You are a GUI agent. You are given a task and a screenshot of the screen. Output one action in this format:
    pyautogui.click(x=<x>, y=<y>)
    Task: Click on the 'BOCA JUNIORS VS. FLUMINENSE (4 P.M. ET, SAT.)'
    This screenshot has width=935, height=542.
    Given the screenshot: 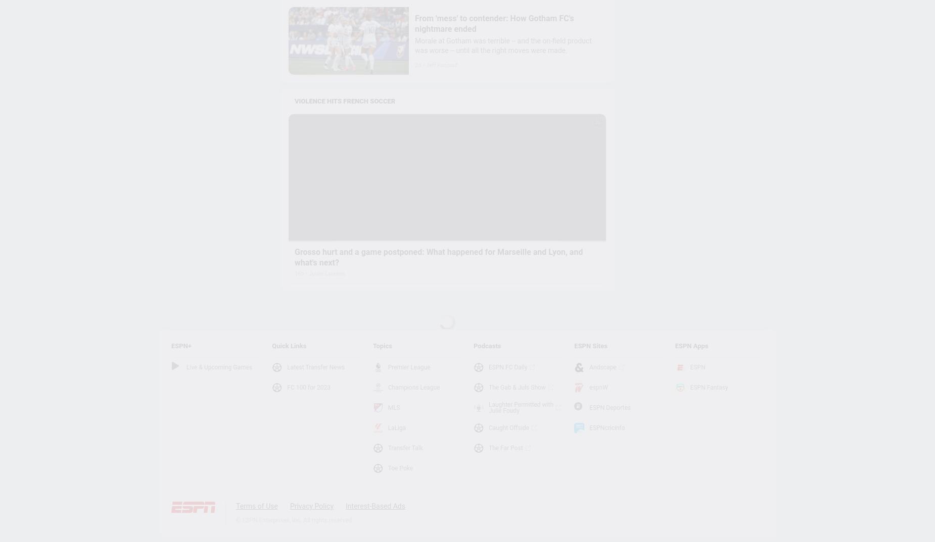 What is the action you would take?
    pyautogui.click(x=377, y=510)
    